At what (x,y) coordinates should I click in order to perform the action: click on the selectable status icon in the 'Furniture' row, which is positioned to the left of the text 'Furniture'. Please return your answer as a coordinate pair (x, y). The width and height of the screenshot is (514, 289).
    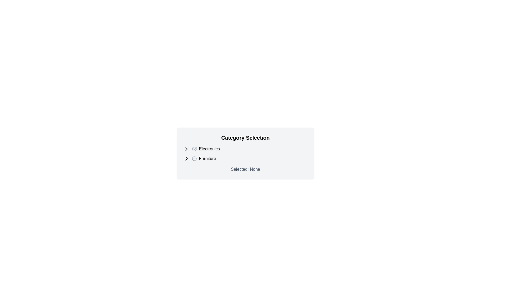
    Looking at the image, I should click on (194, 158).